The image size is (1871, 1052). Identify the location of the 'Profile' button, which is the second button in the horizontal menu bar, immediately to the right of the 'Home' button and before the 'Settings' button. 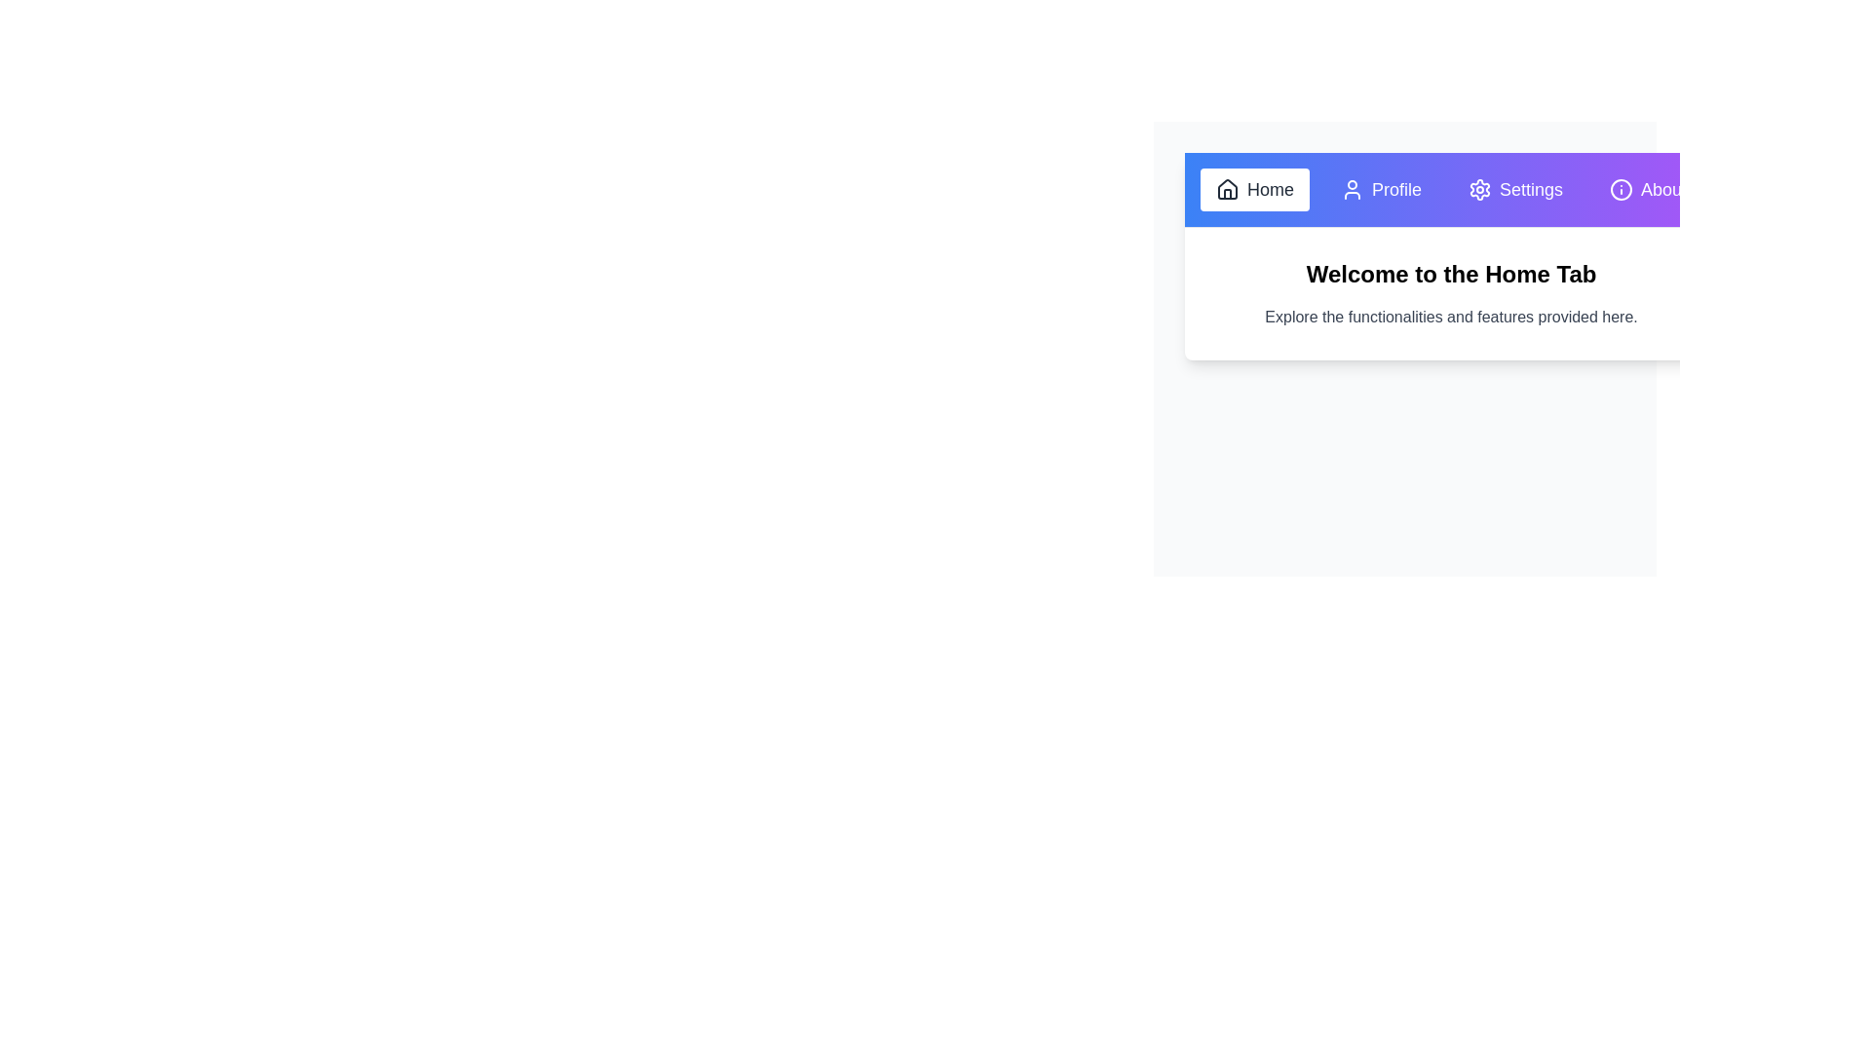
(1380, 190).